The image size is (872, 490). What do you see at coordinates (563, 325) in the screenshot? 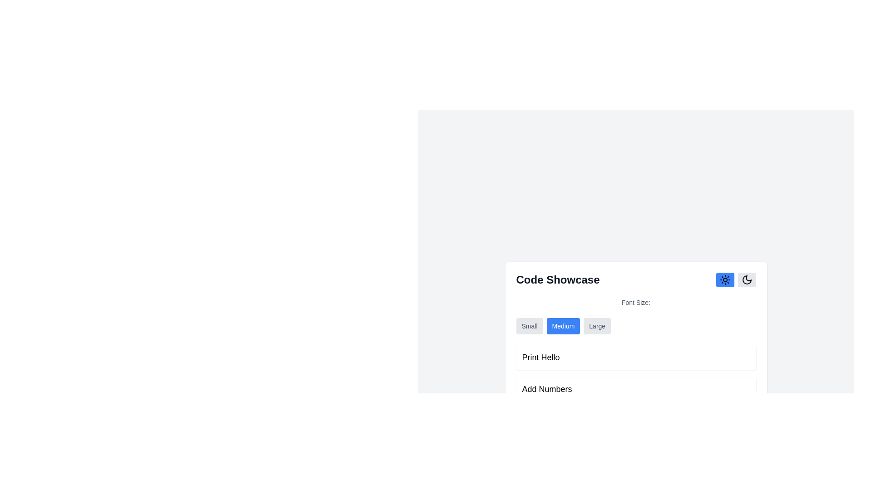
I see `the 'Medium' button in the font size selection group` at bounding box center [563, 325].